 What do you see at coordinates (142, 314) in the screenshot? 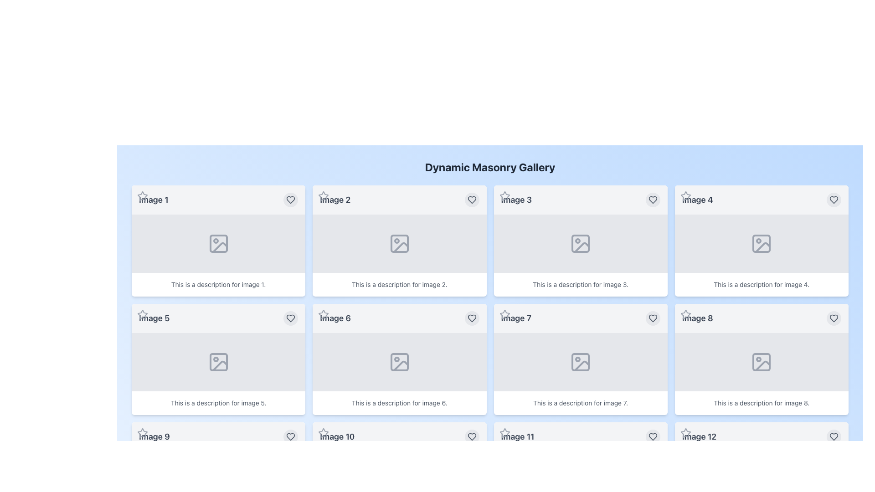
I see `the star icon located at the top left corner of the fifth item labeled 'Image 5' in a grid layout` at bounding box center [142, 314].